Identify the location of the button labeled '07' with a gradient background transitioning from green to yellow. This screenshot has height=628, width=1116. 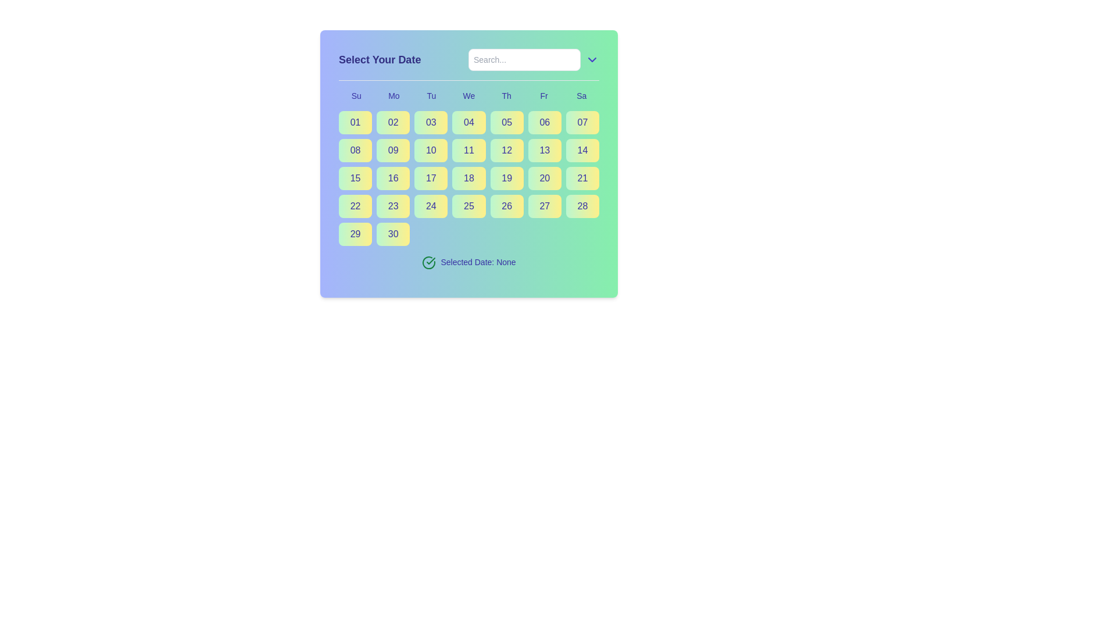
(582, 123).